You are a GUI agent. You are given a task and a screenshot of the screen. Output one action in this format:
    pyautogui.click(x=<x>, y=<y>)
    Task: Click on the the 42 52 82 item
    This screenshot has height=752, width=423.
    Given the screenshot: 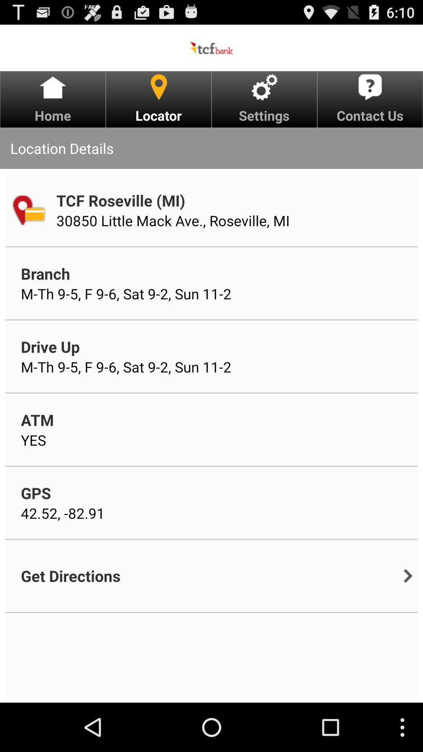 What is the action you would take?
    pyautogui.click(x=62, y=513)
    